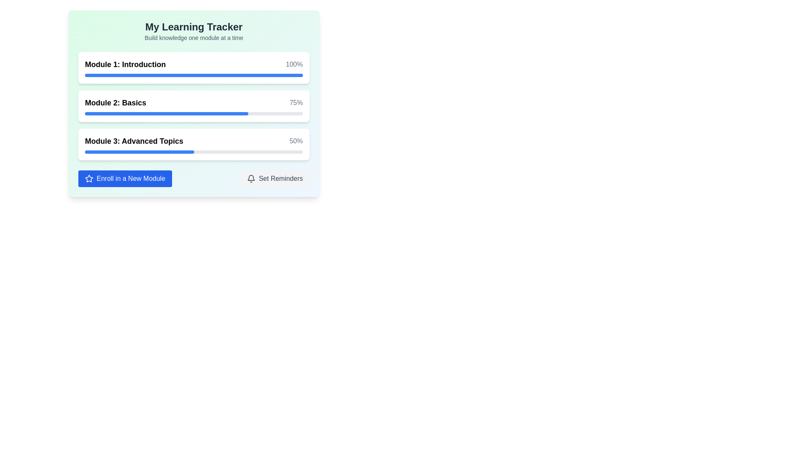 This screenshot has width=800, height=450. What do you see at coordinates (89, 178) in the screenshot?
I see `the decorative star icon located inside the blue button labeled 'Enroll in a New Module' at the lower left corner of the interface` at bounding box center [89, 178].